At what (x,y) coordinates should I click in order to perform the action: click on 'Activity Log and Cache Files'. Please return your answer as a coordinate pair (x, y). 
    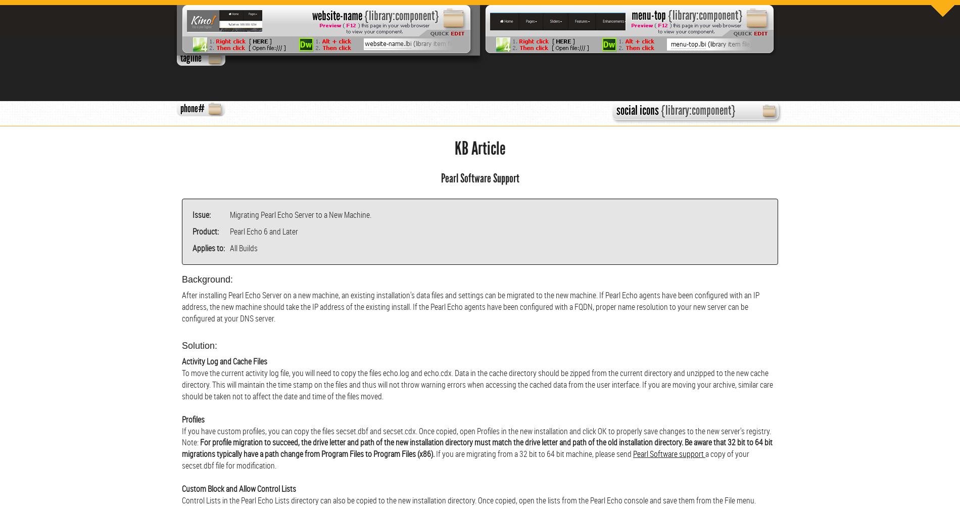
    Looking at the image, I should click on (224, 360).